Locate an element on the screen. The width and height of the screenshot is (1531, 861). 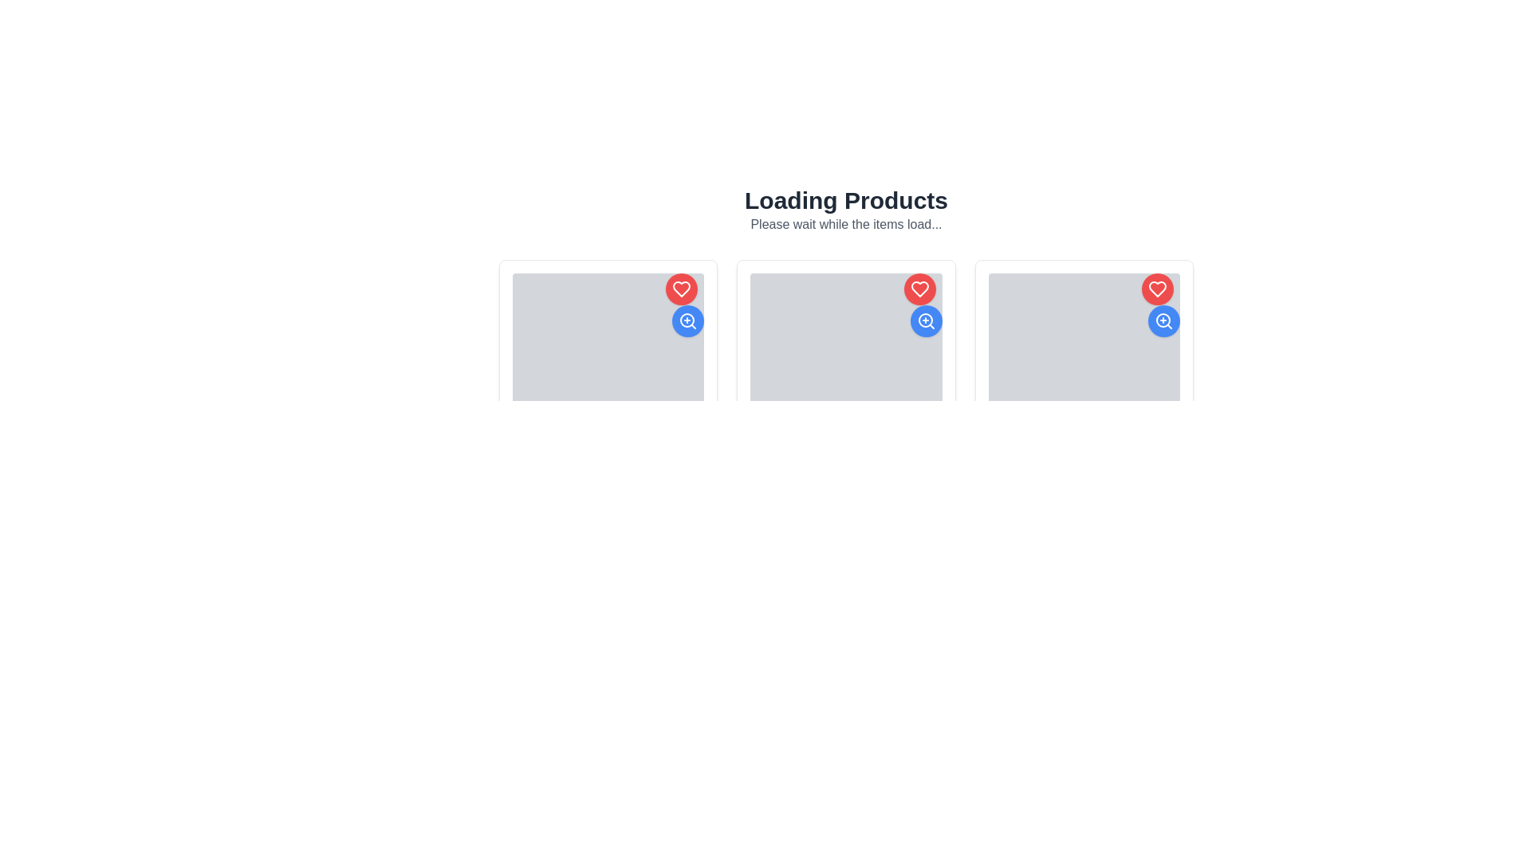
the circular red button with a white heart icon located in the upper-right corner of the middle product card is located at coordinates (919, 289).